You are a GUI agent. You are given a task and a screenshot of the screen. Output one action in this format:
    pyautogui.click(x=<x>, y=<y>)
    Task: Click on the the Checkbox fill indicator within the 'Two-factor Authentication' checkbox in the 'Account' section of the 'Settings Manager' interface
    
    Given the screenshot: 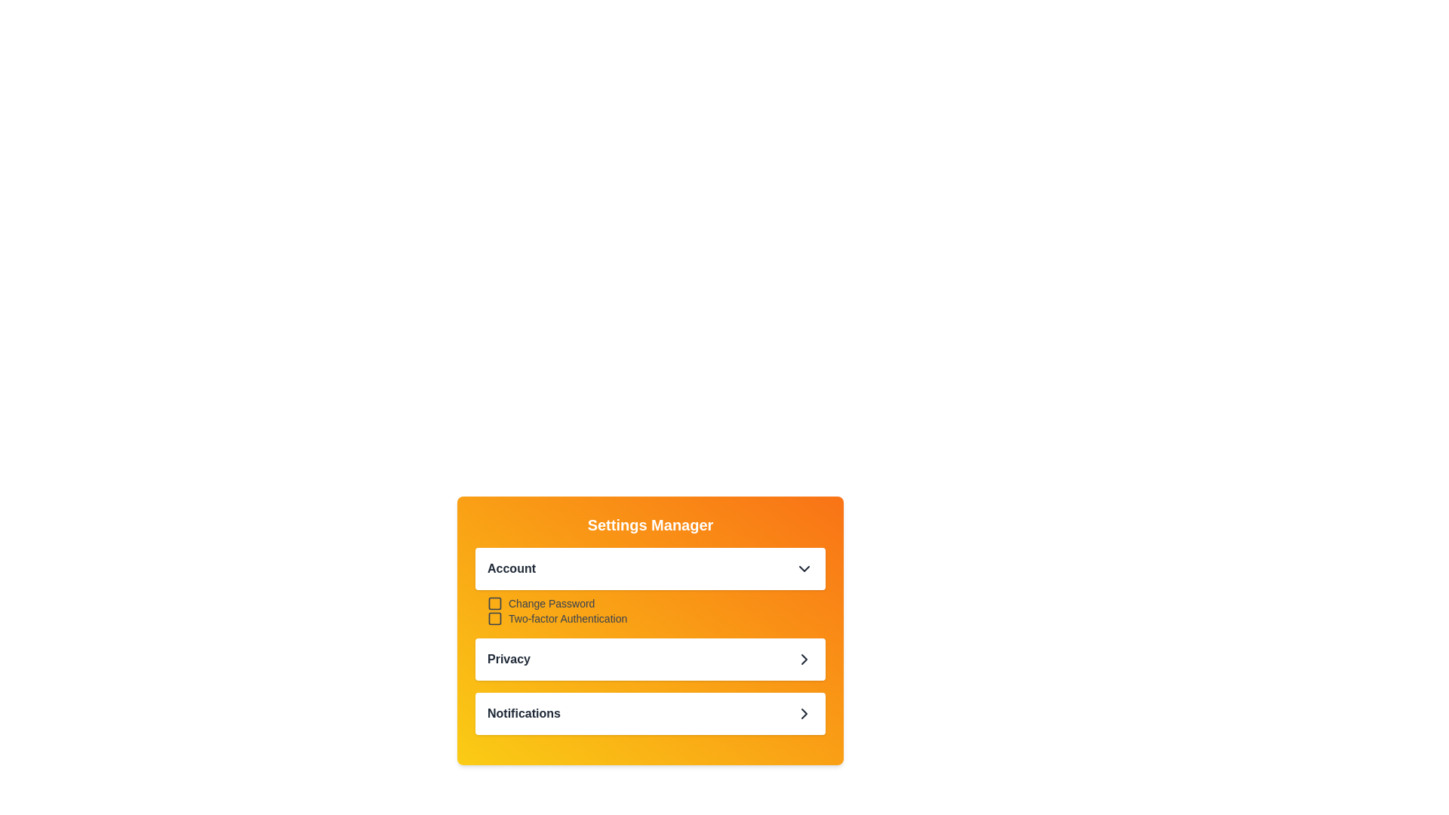 What is the action you would take?
    pyautogui.click(x=495, y=619)
    